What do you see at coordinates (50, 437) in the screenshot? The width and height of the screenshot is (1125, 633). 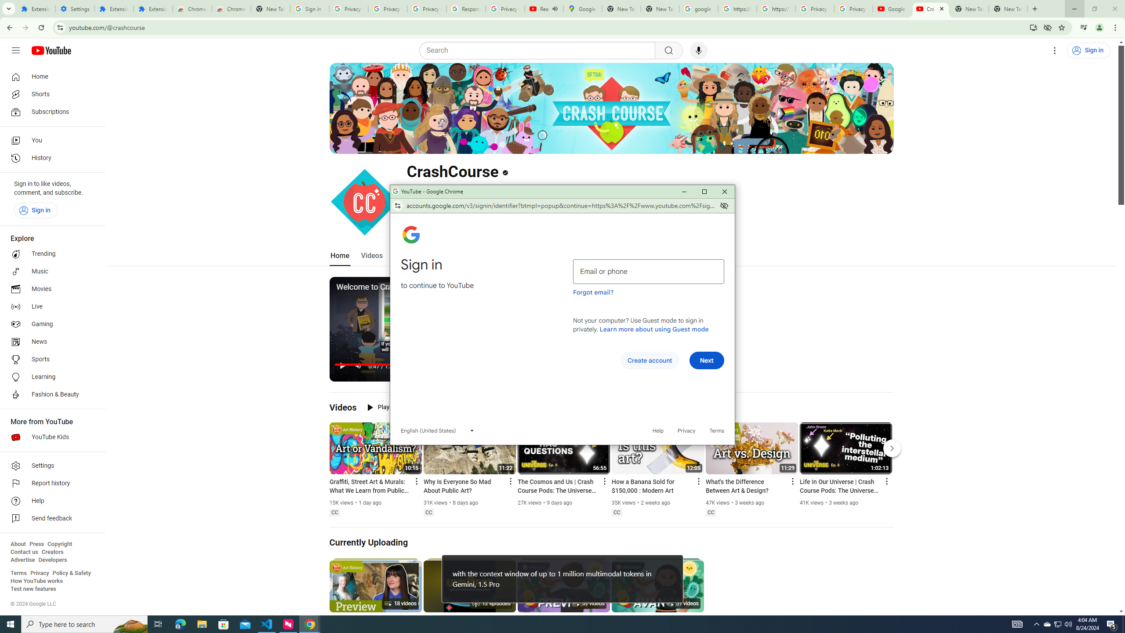 I see `'YouTube Kids'` at bounding box center [50, 437].